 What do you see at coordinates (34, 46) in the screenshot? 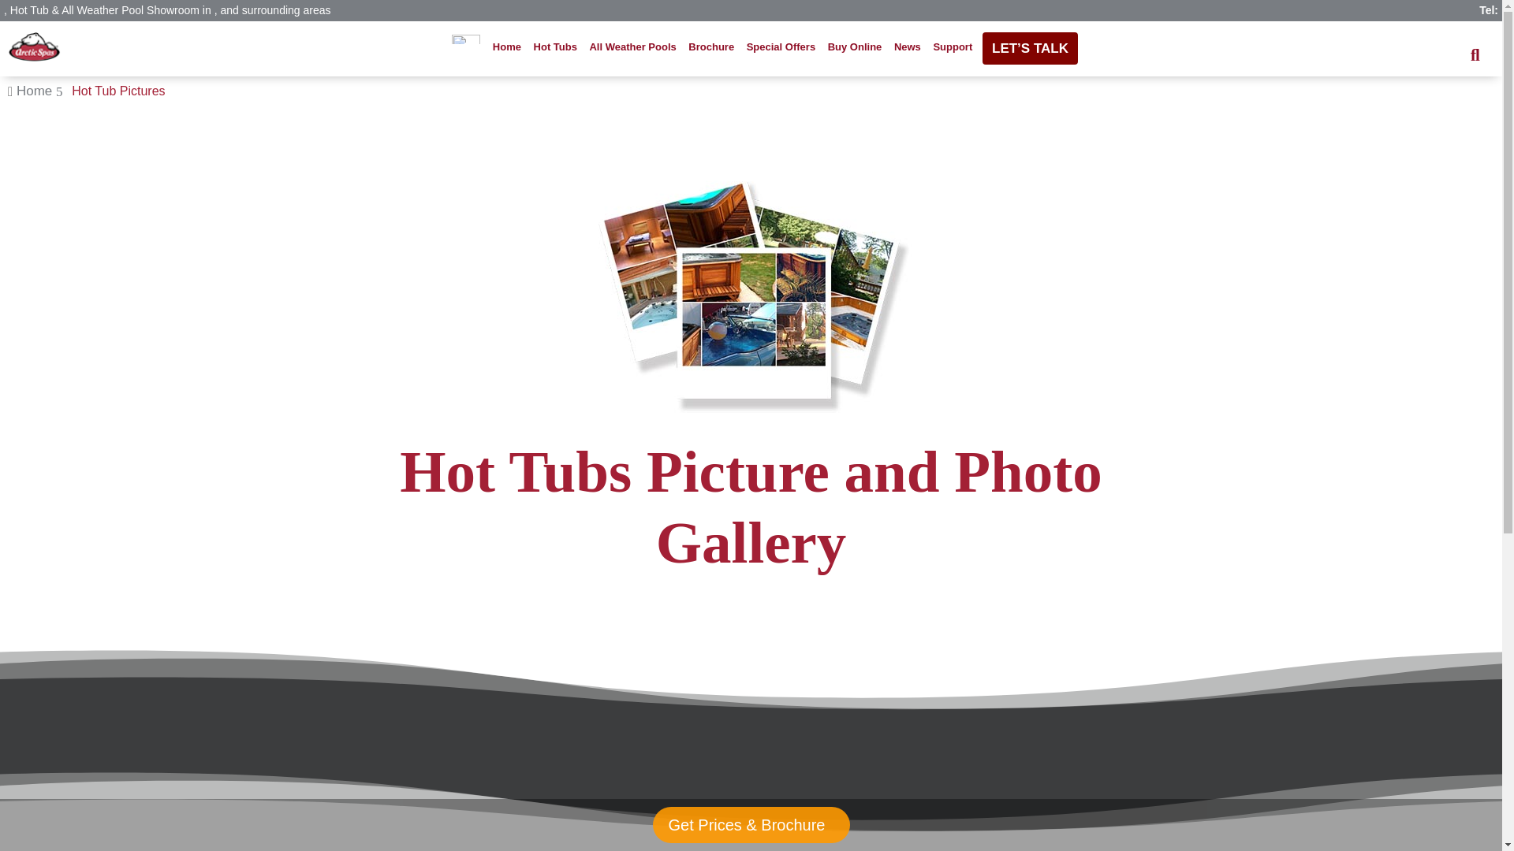
I see `' - Hot Tubs - Engineered for the Worlds Harshest Climates'` at bounding box center [34, 46].